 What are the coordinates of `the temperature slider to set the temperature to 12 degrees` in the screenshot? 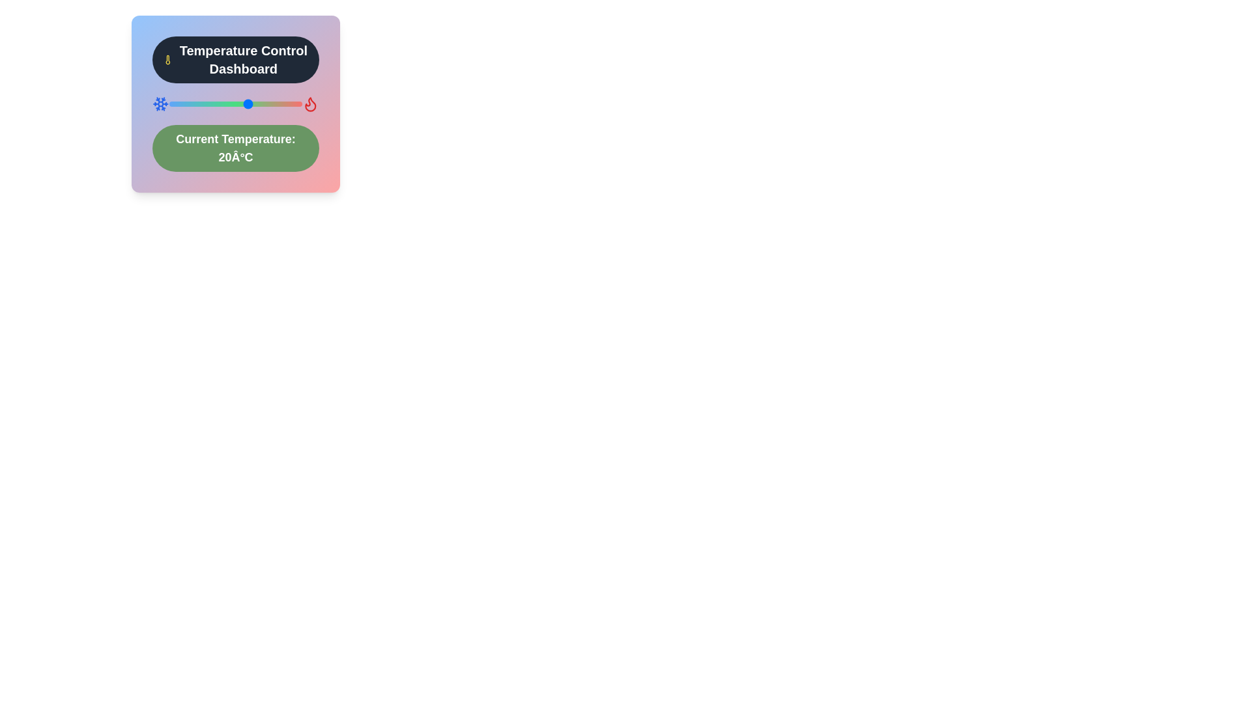 It's located at (227, 103).